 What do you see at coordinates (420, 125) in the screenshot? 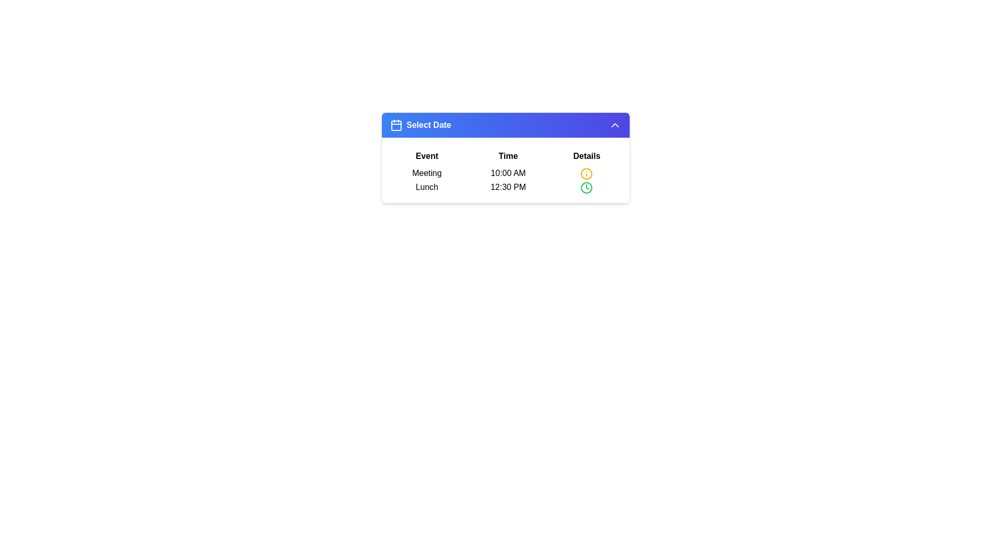
I see `the 'Select Date' label with a calendar icon, located in the header of a blue-colored box, positioned at the top left` at bounding box center [420, 125].